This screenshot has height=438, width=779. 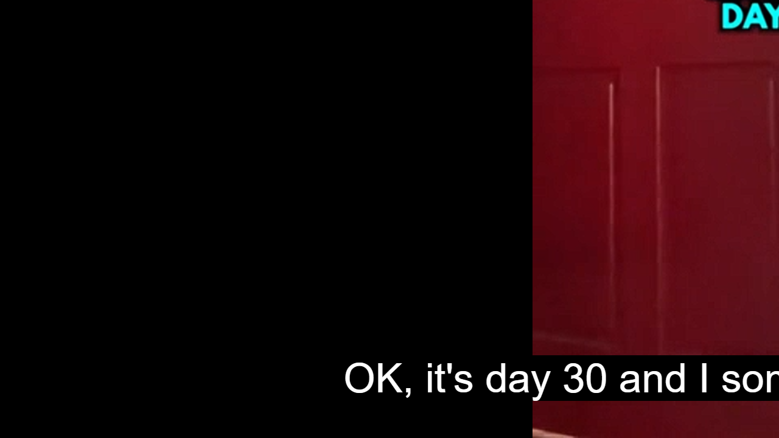 I want to click on 'Seek Back', so click(x=42, y=423).